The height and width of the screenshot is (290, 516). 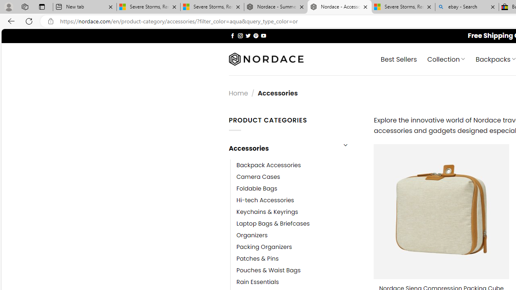 I want to click on 'Patches & Pins', so click(x=257, y=259).